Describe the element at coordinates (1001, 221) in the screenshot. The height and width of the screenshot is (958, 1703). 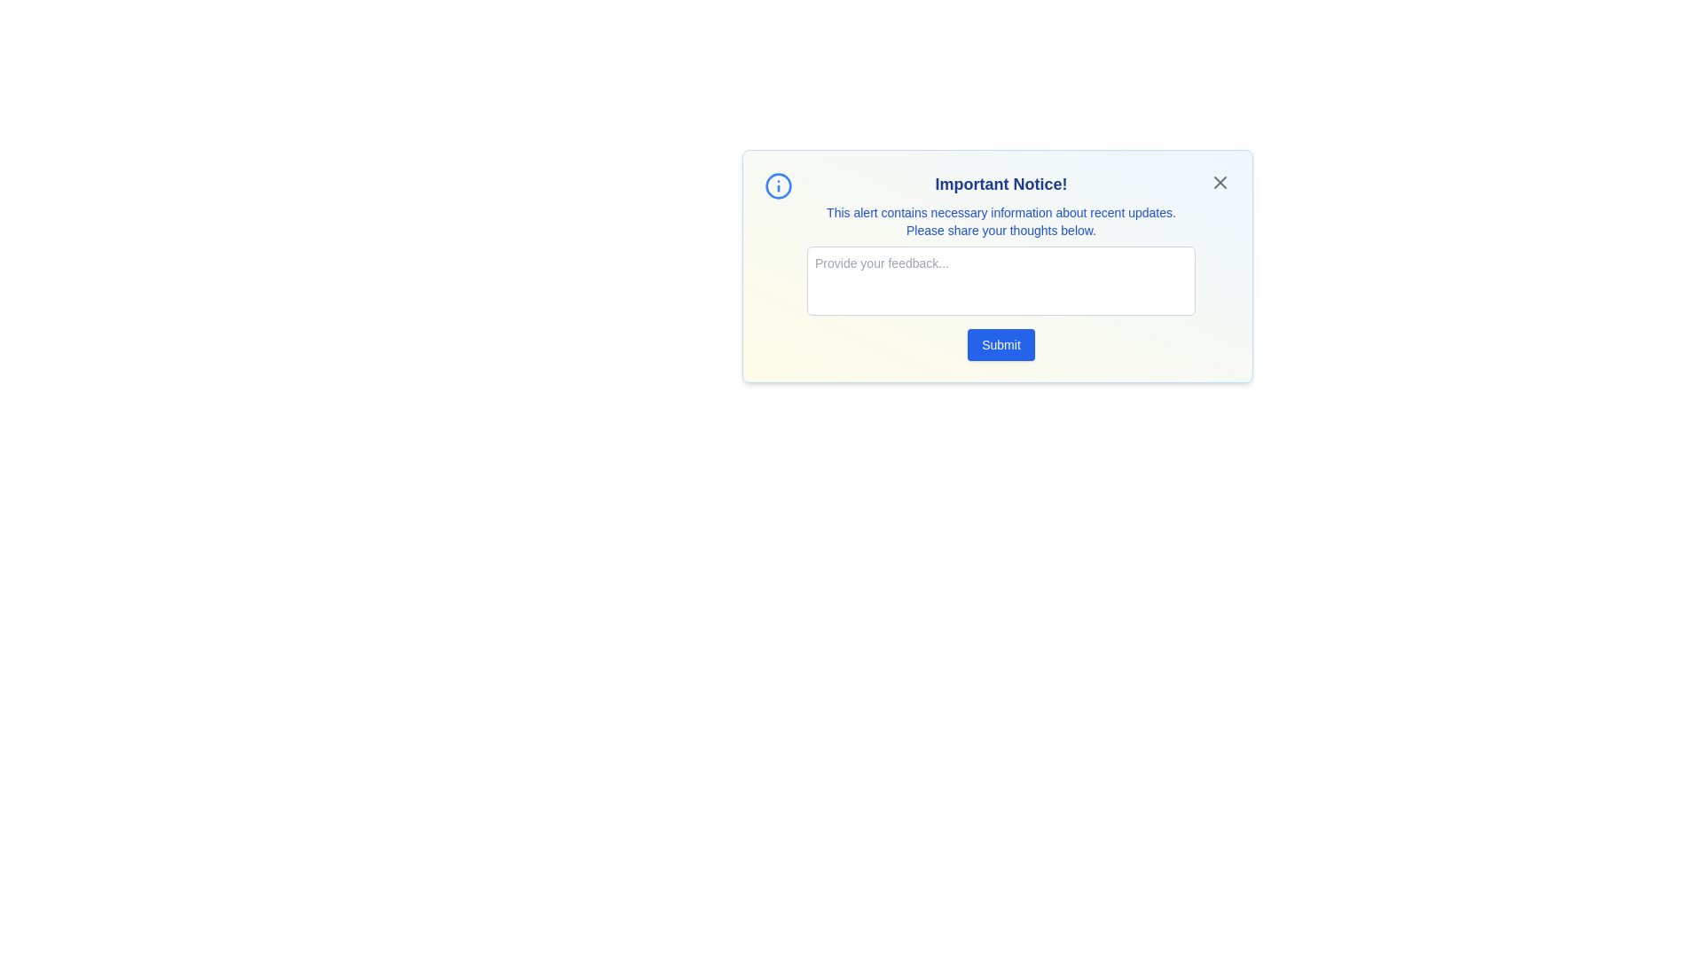
I see `the text block styled in a smaller font size and blue color, positioned below the heading 'Important Notice!' in a pop-up style interface` at that location.